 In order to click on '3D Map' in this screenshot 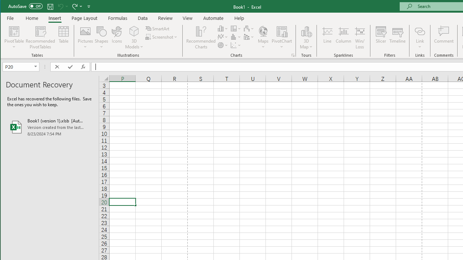, I will do `click(306, 31)`.